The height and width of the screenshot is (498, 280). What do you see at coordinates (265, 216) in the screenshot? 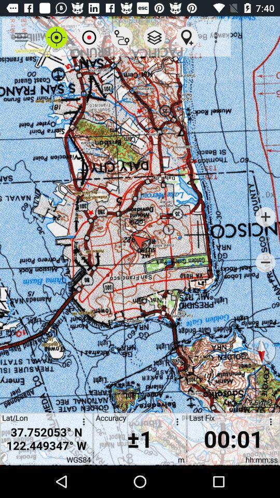
I see `item above the 12` at bounding box center [265, 216].